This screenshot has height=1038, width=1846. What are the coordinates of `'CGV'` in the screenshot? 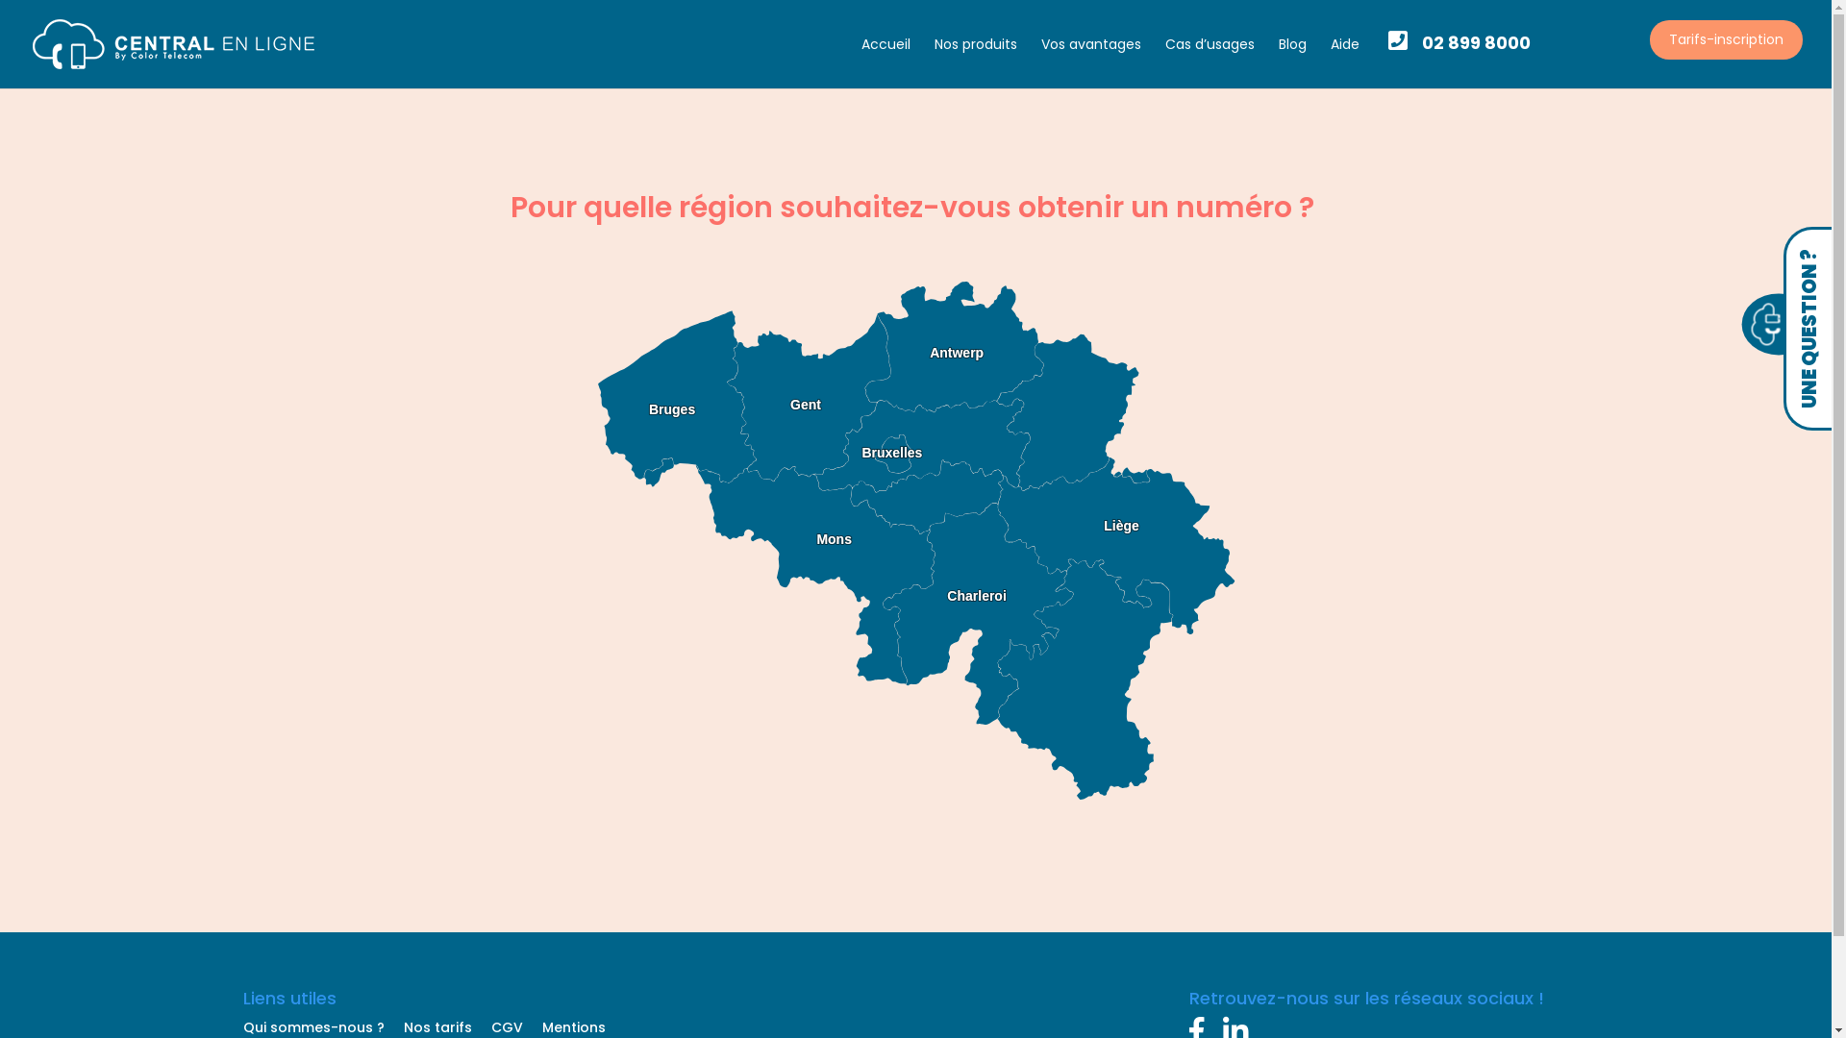 It's located at (506, 1026).